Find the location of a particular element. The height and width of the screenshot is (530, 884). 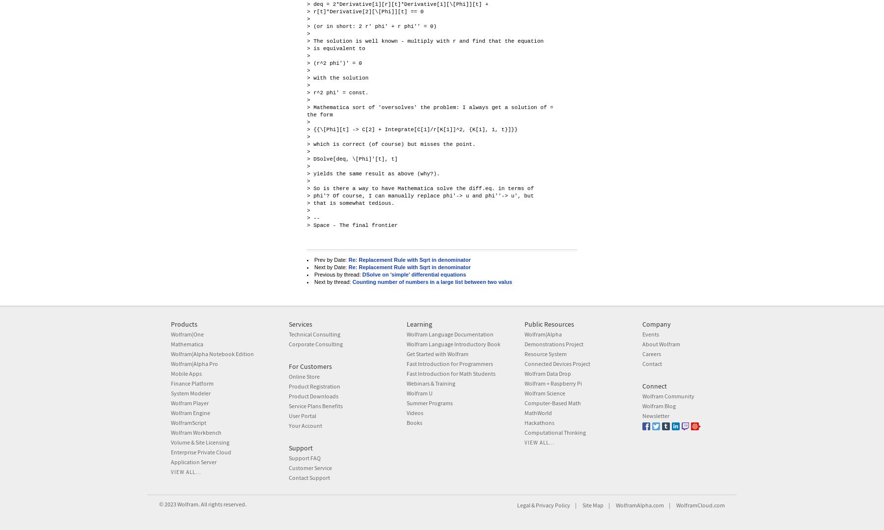

'Demonstrations Project' is located at coordinates (524, 344).